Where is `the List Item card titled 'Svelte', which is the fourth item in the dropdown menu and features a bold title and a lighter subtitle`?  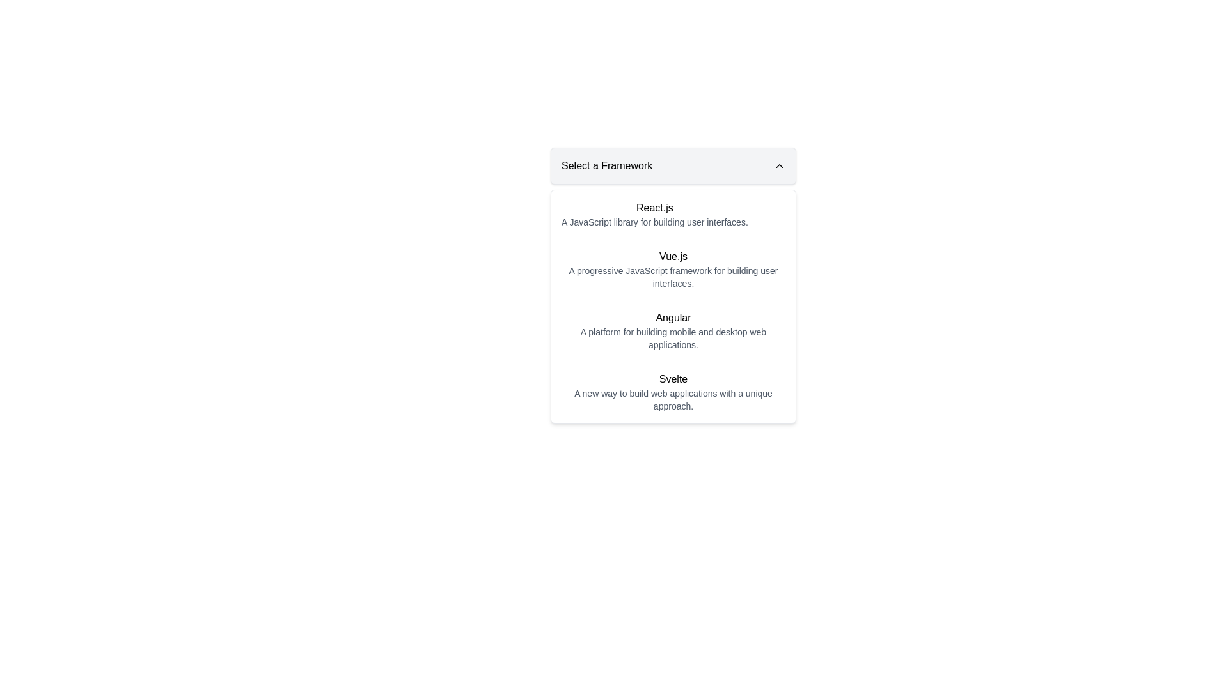
the List Item card titled 'Svelte', which is the fourth item in the dropdown menu and features a bold title and a lighter subtitle is located at coordinates (672, 391).